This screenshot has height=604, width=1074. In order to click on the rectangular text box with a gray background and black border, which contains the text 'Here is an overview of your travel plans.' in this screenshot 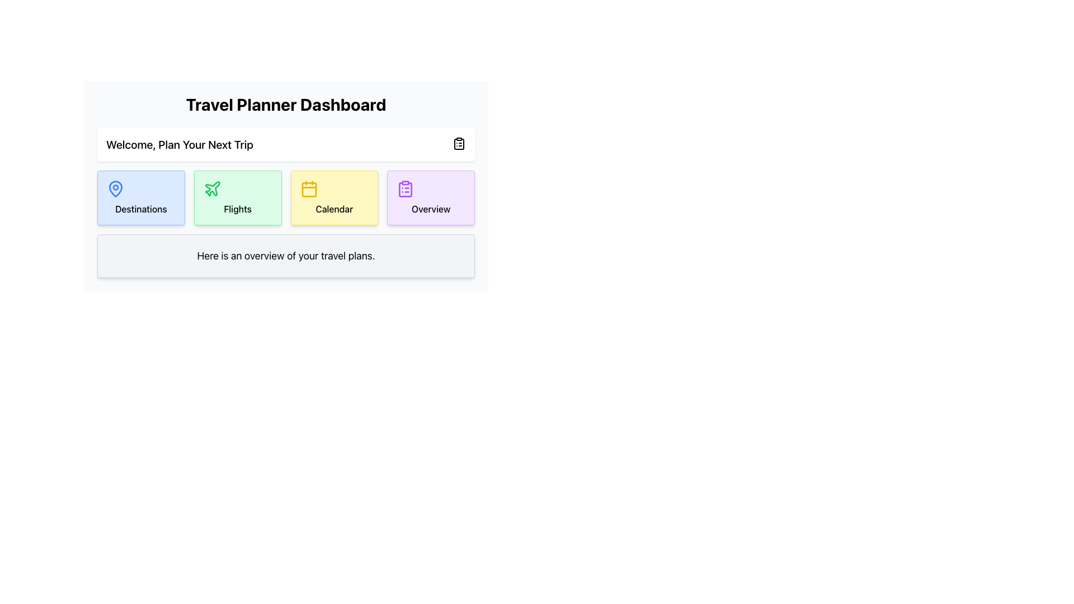, I will do `click(286, 256)`.